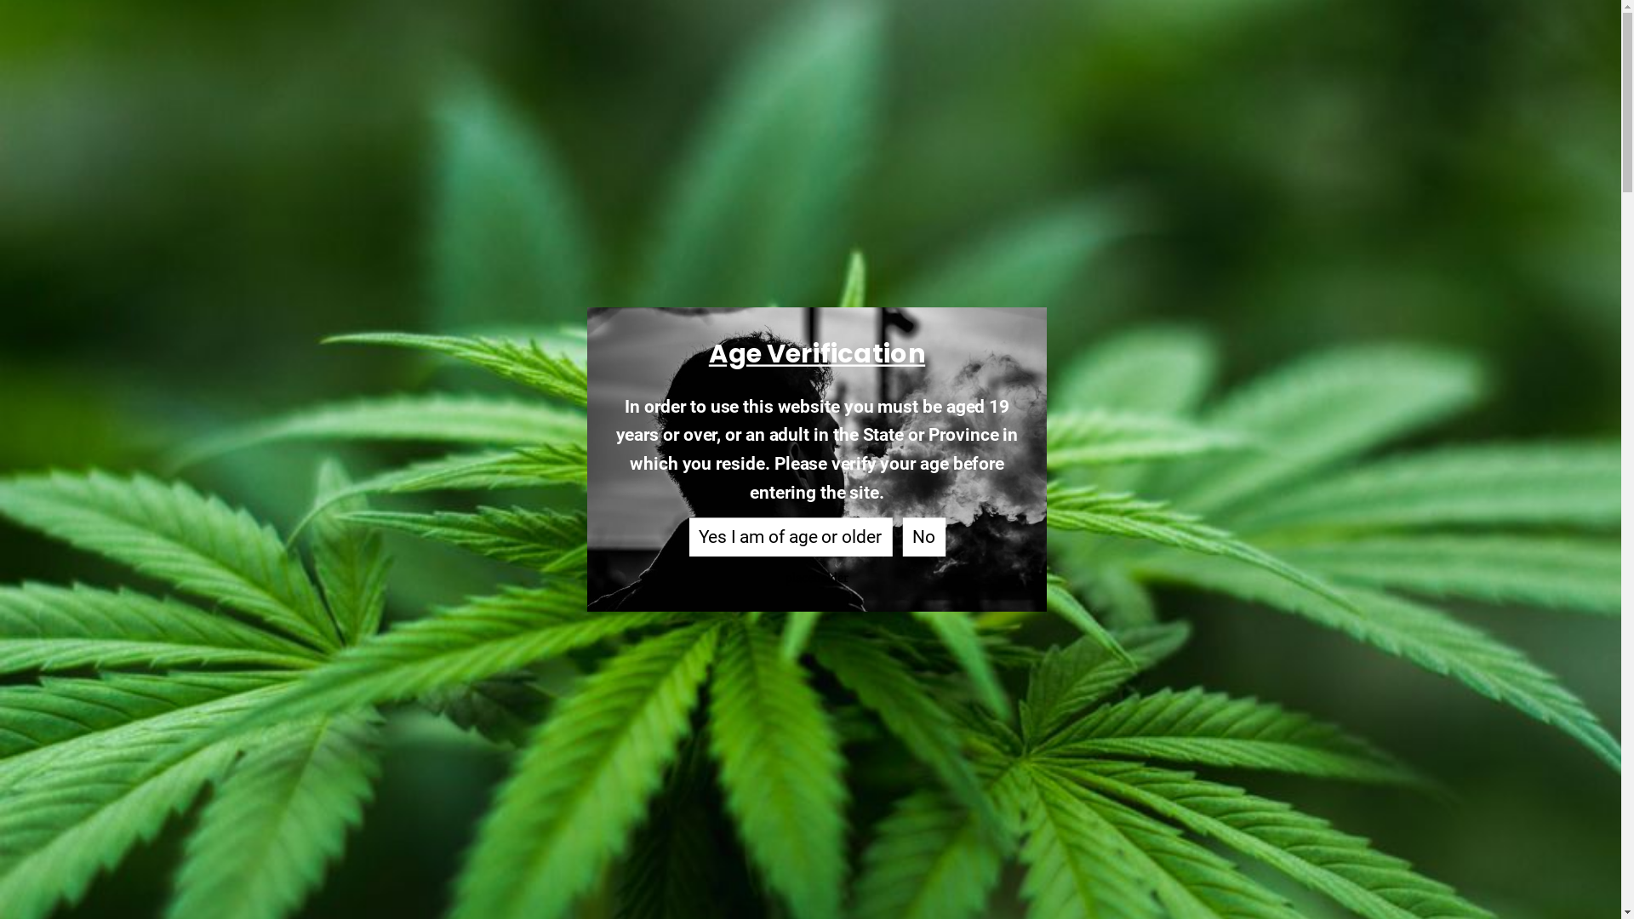 This screenshot has width=1634, height=919. What do you see at coordinates (1118, 740) in the screenshot?
I see `'SUBSCRIBE'` at bounding box center [1118, 740].